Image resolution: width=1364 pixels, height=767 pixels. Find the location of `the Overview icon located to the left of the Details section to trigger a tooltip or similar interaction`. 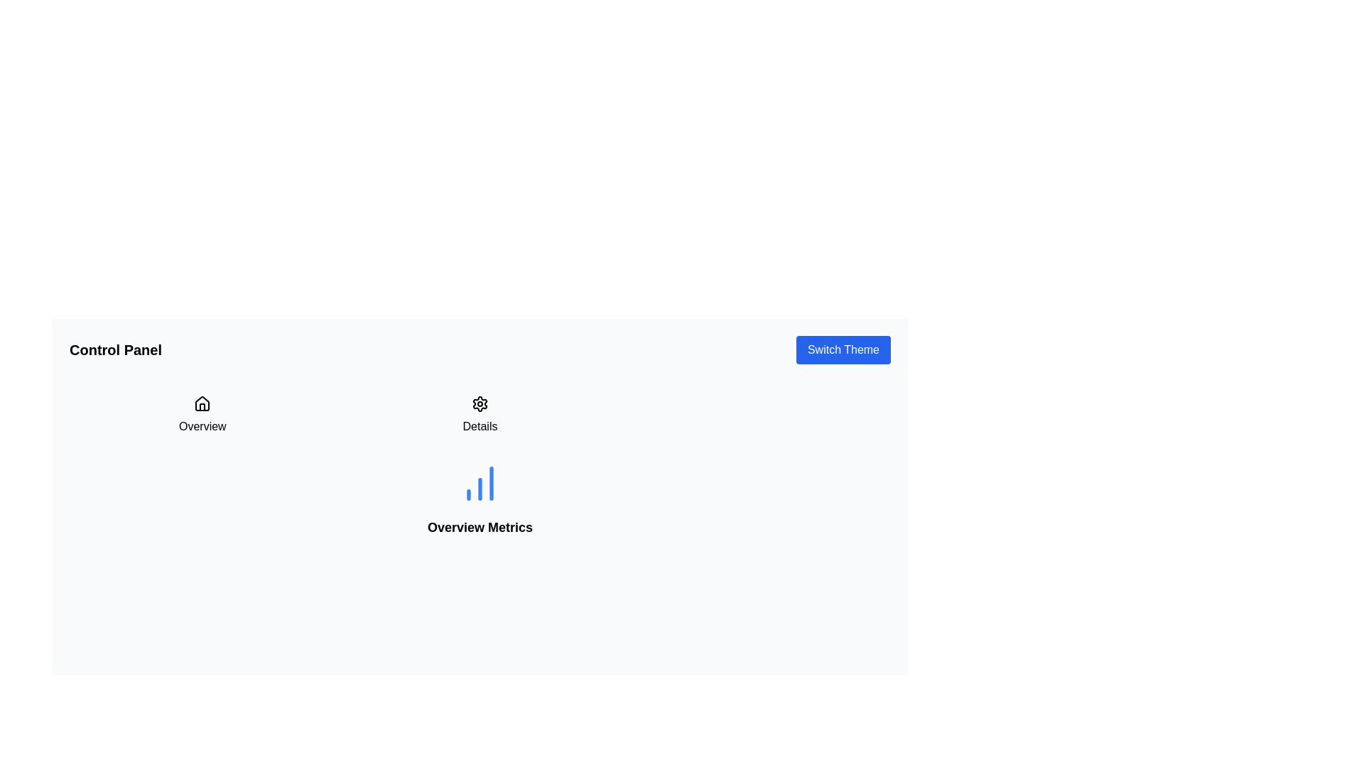

the Overview icon located to the left of the Details section to trigger a tooltip or similar interaction is located at coordinates (202, 404).